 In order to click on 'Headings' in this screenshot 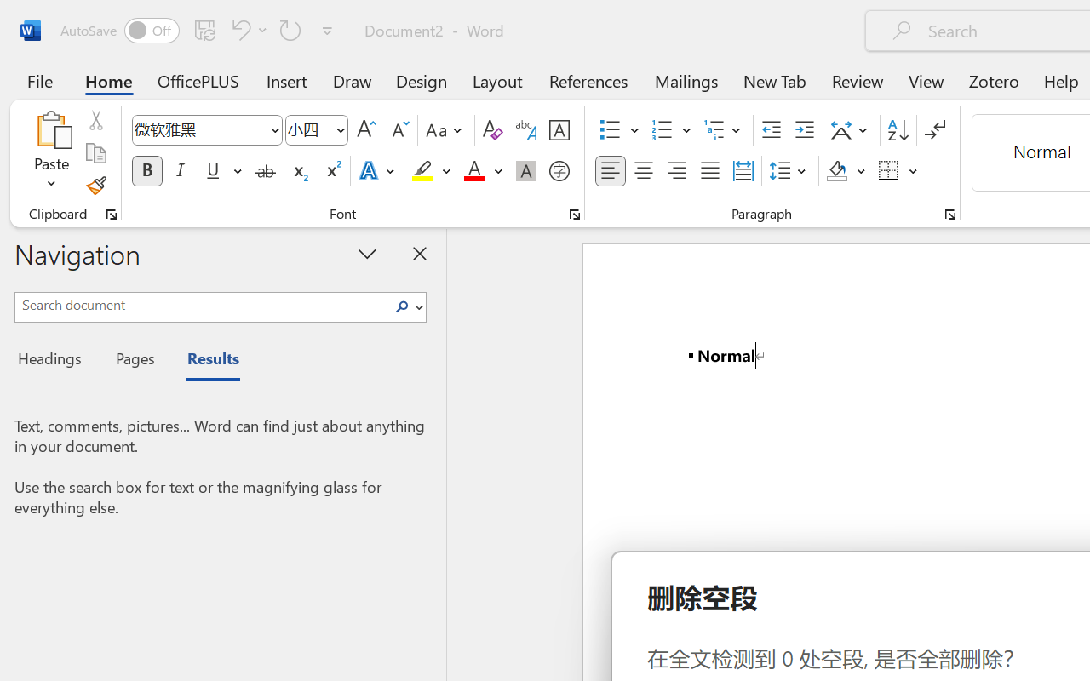, I will do `click(55, 361)`.